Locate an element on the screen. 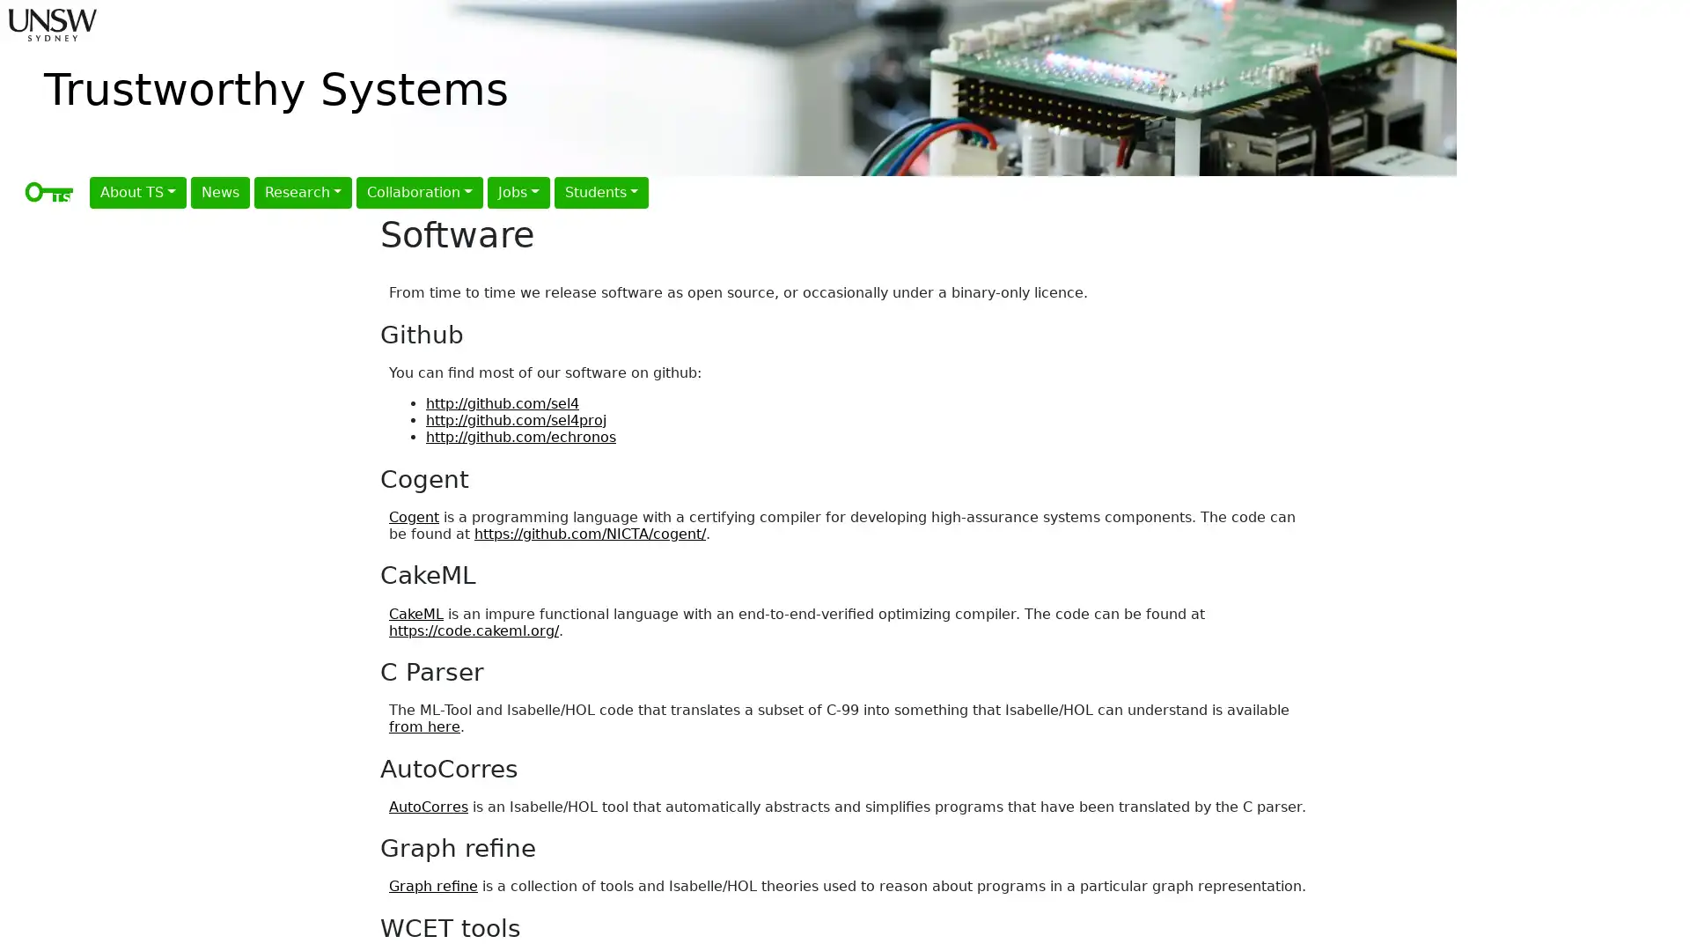 The height and width of the screenshot is (951, 1690). Research is located at coordinates (303, 192).